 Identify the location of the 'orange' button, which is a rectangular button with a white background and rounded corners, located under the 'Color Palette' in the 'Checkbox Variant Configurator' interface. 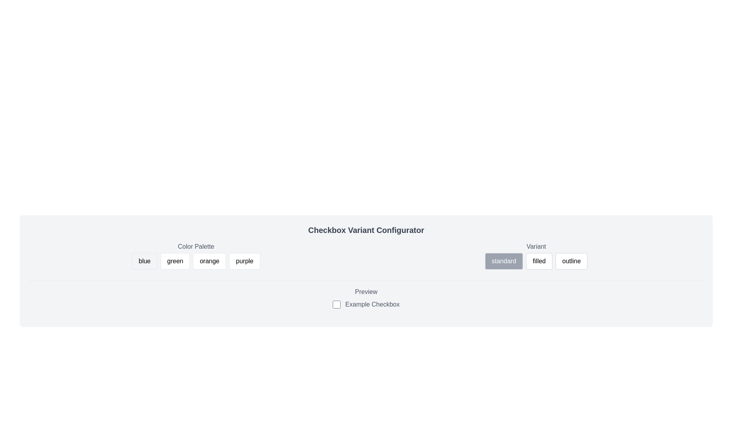
(196, 256).